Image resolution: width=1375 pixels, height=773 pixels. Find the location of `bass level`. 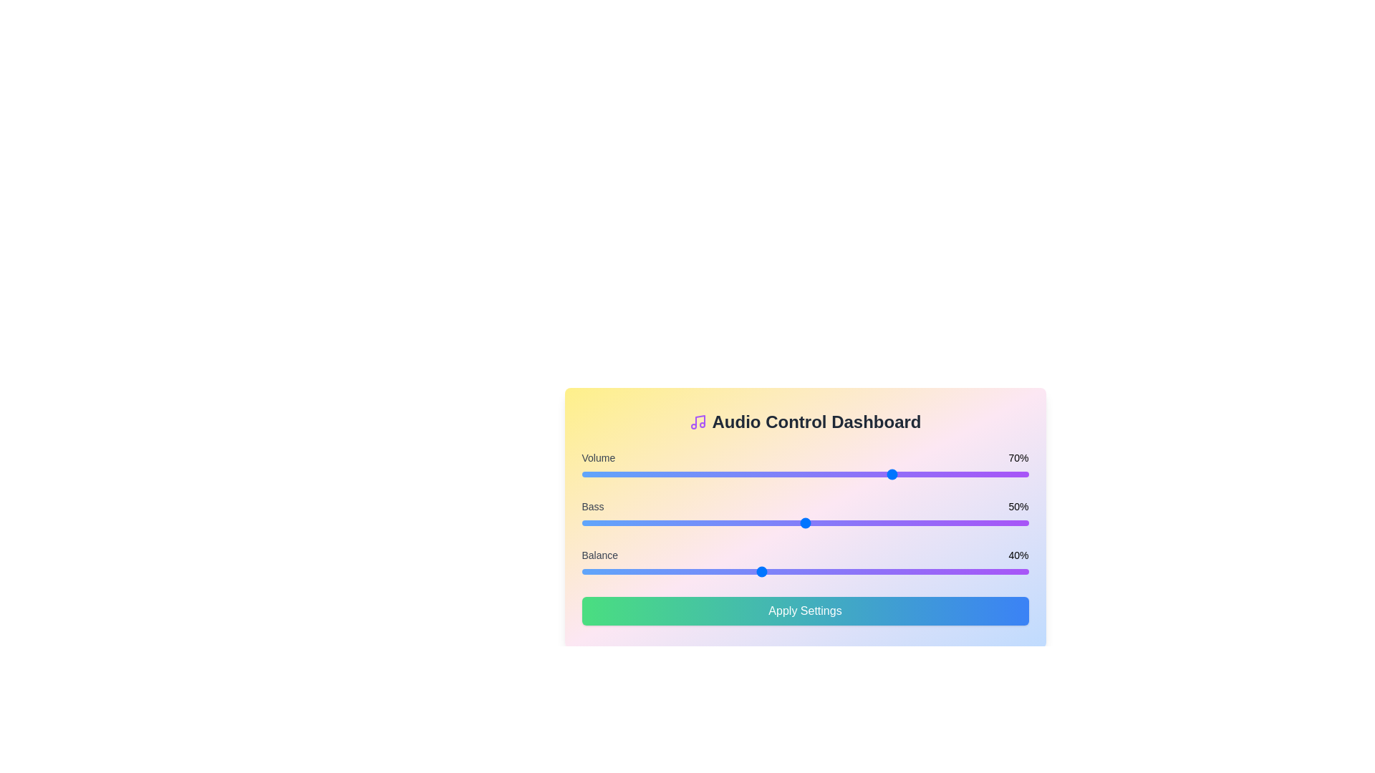

bass level is located at coordinates (902, 523).